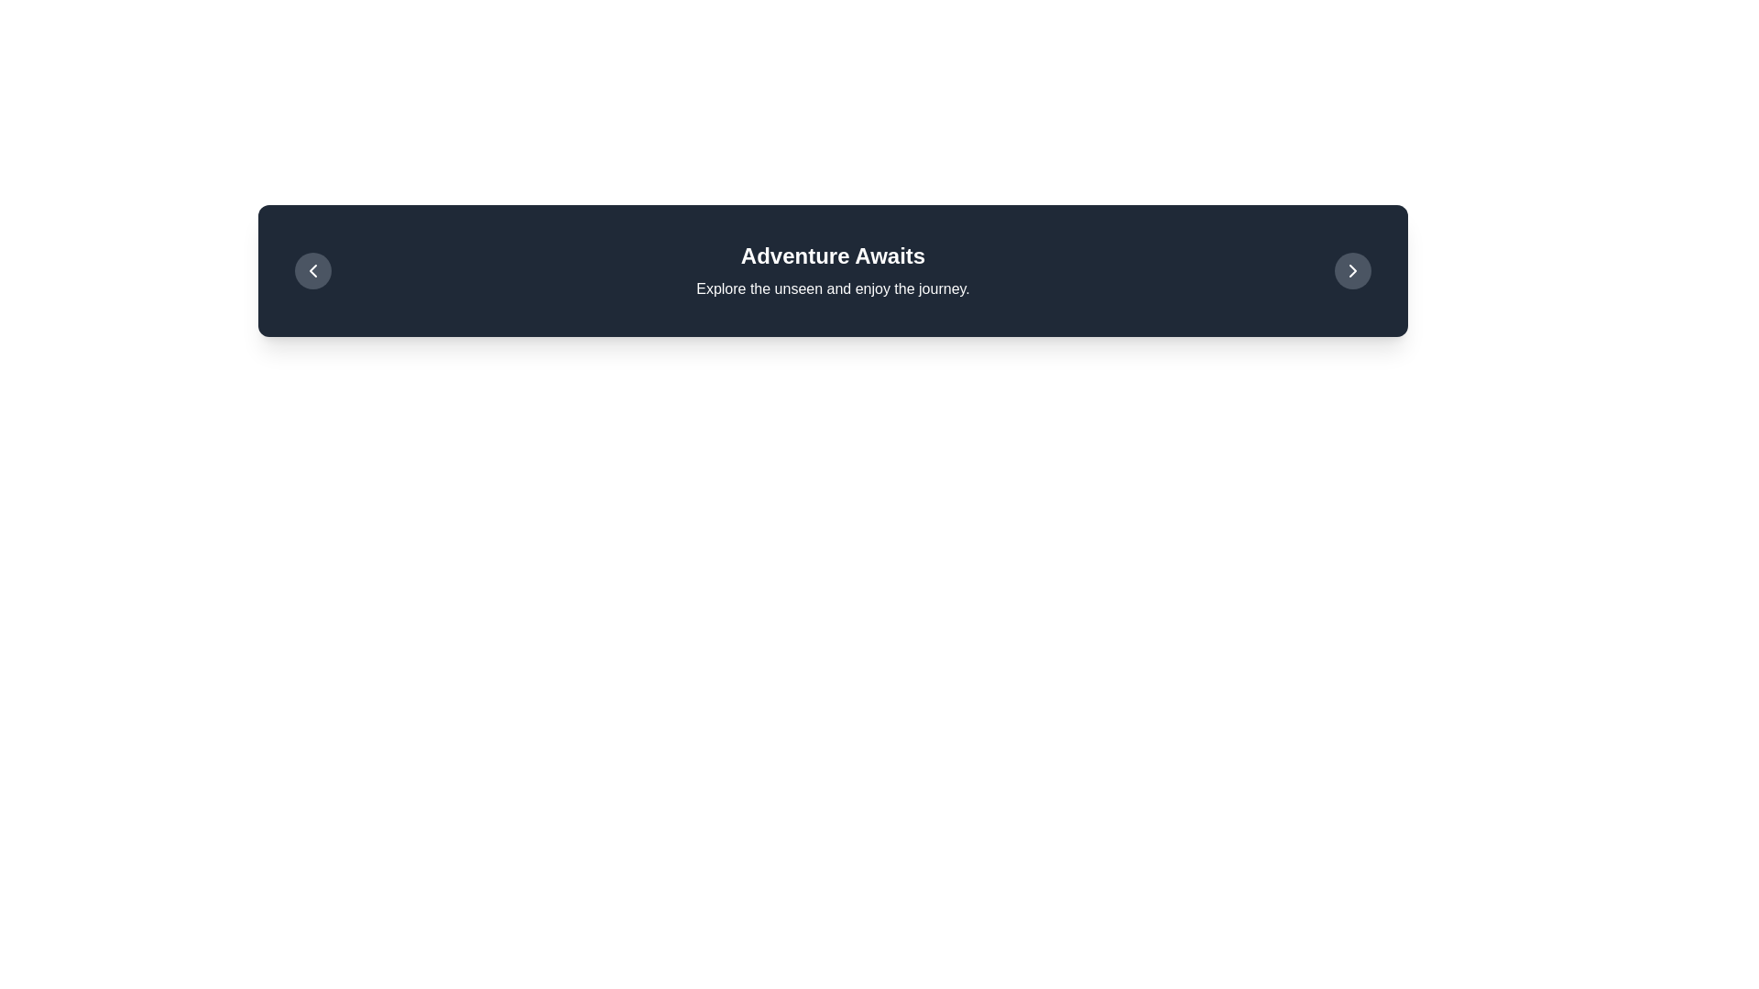  What do you see at coordinates (312, 271) in the screenshot?
I see `the left-pointing chevron icon within the circular gray button in the leftmost area of the horizontal navigation bar` at bounding box center [312, 271].